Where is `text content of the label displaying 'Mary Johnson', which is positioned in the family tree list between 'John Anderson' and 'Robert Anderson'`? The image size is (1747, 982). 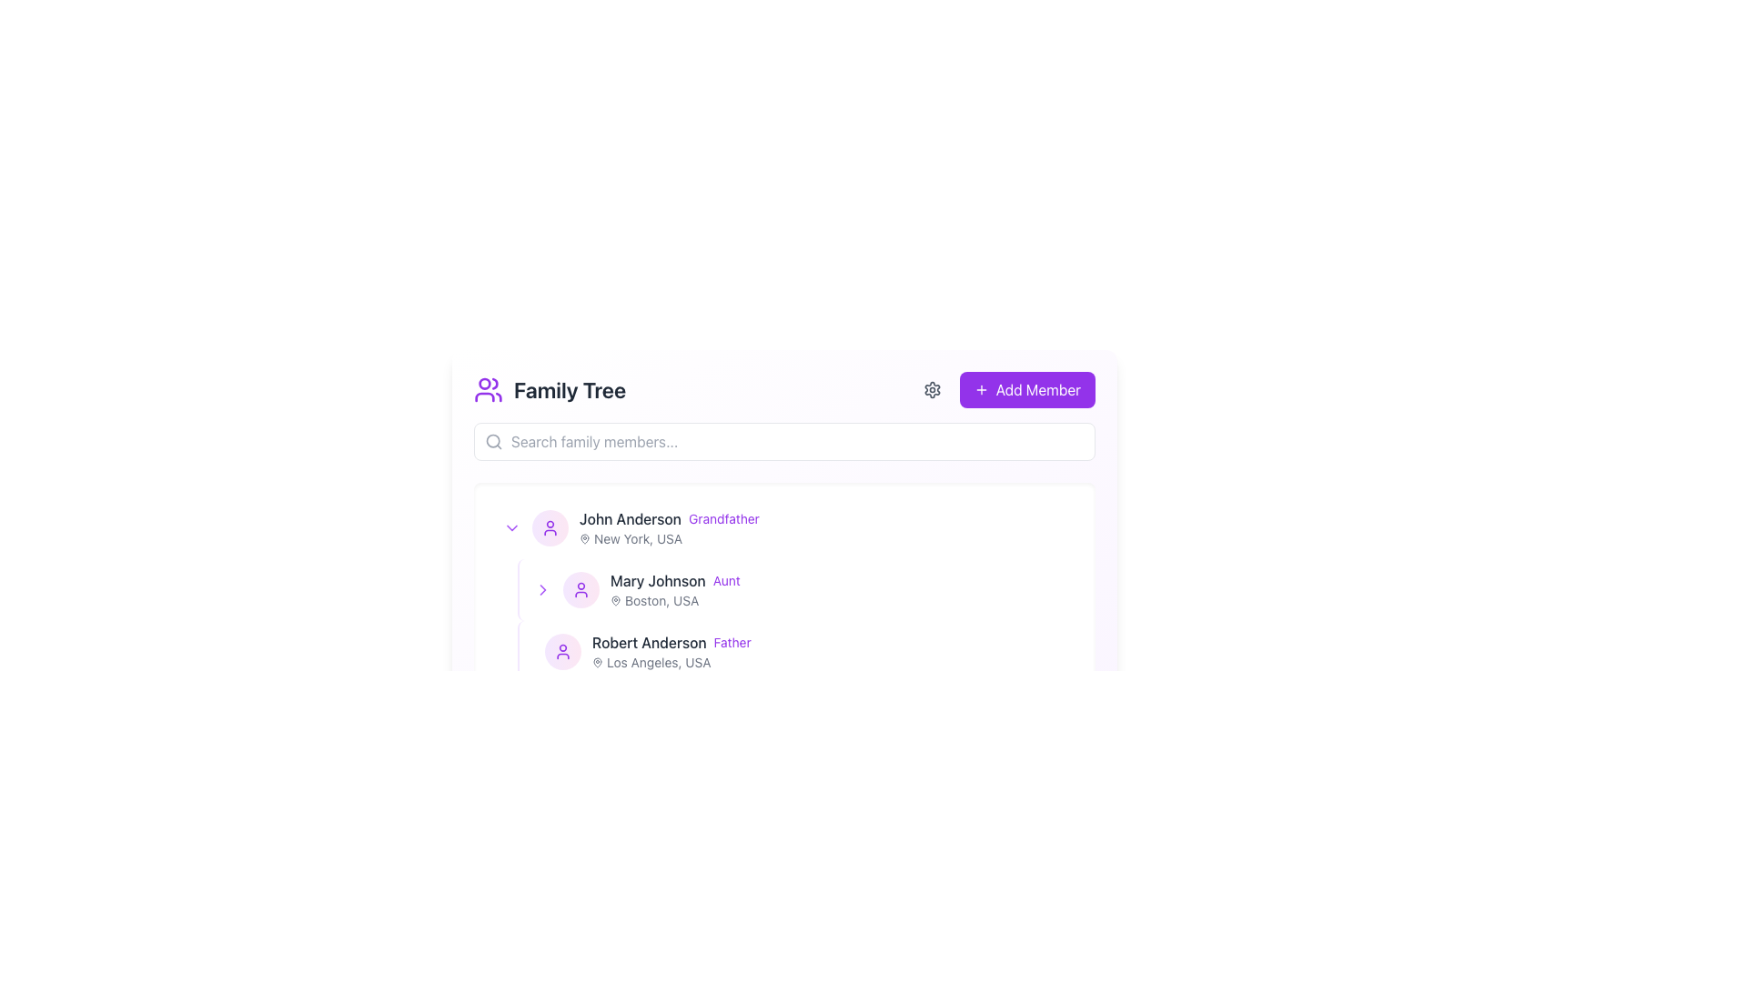
text content of the label displaying 'Mary Johnson', which is positioned in the family tree list between 'John Anderson' and 'Robert Anderson' is located at coordinates (657, 581).